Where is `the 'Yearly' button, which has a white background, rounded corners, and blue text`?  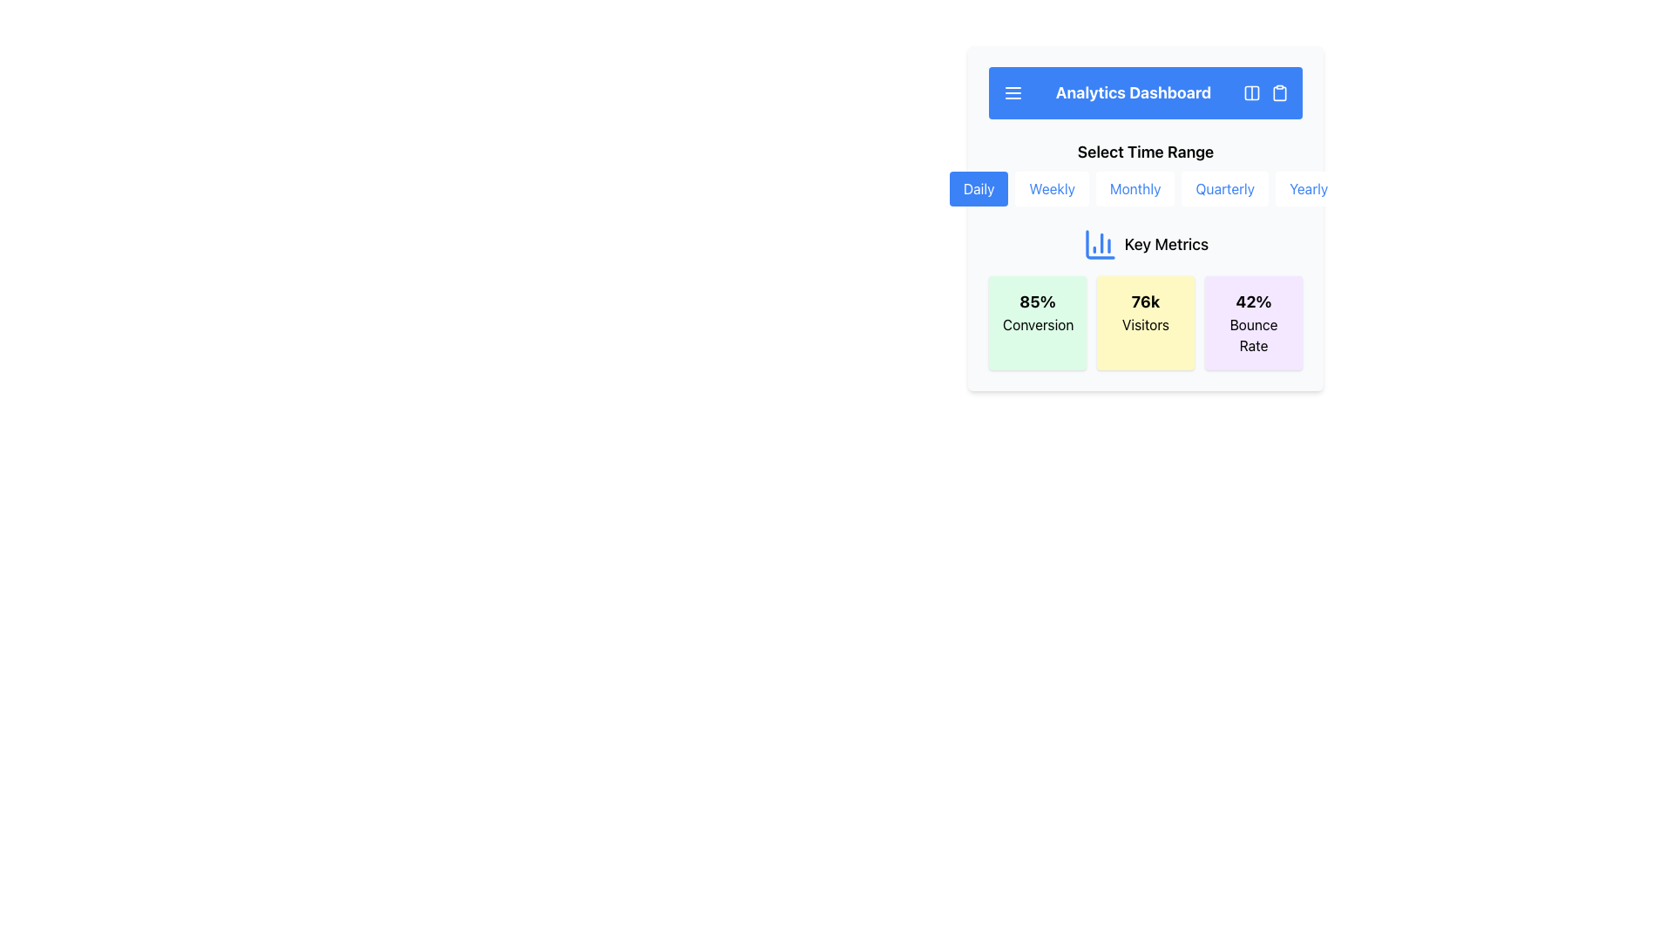 the 'Yearly' button, which has a white background, rounded corners, and blue text is located at coordinates (1309, 188).